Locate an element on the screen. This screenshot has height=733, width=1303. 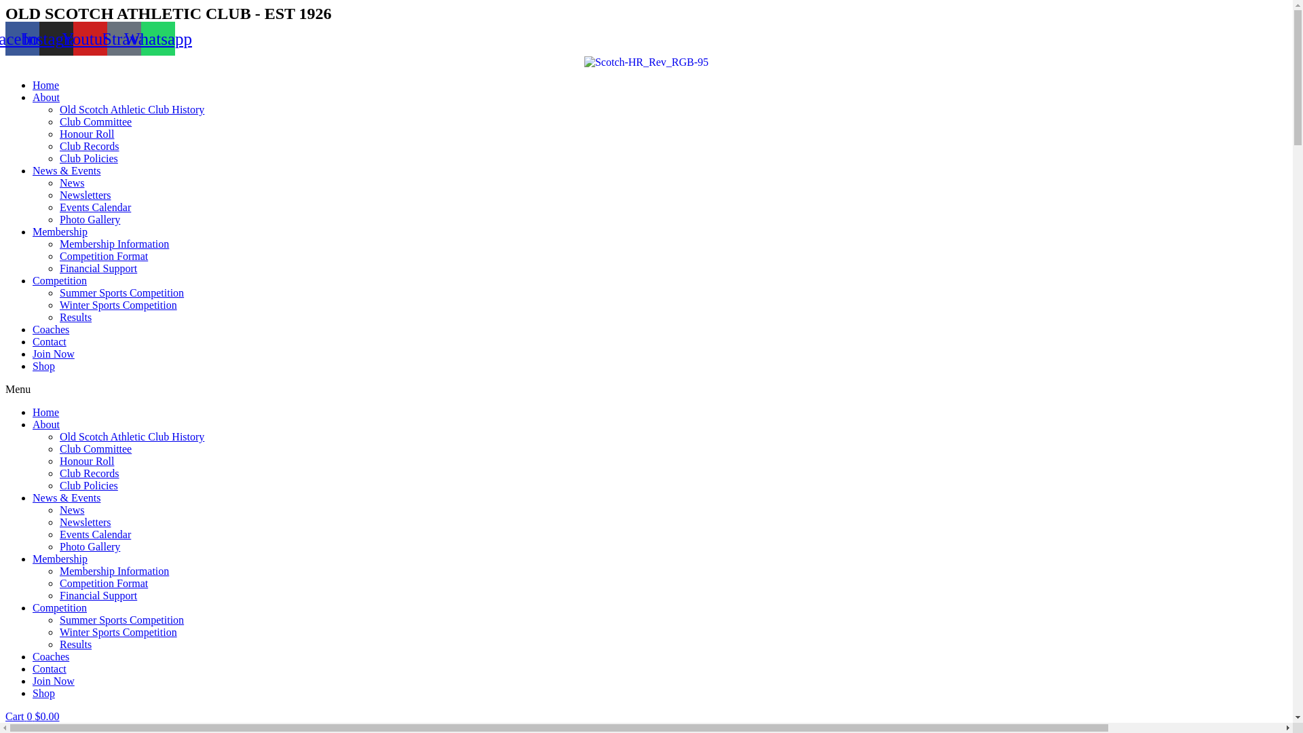
'Instagram' is located at coordinates (55, 38).